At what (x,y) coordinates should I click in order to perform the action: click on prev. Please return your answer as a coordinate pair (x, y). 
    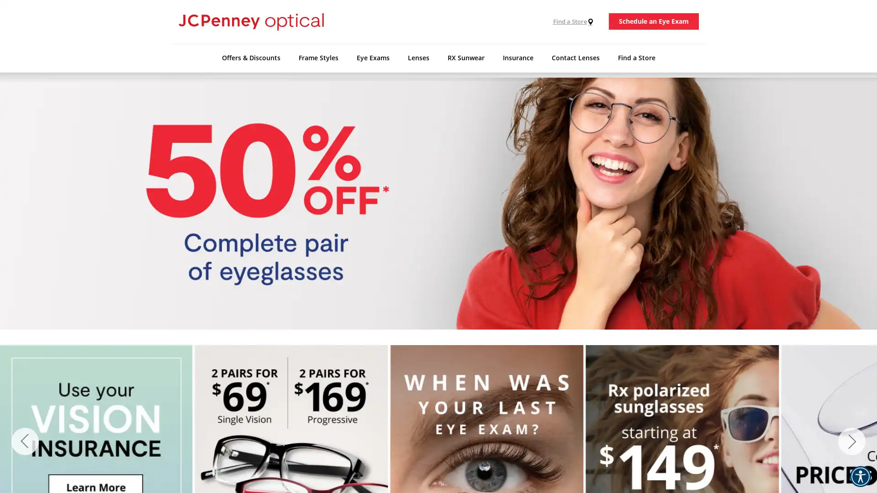
    Looking at the image, I should click on (25, 441).